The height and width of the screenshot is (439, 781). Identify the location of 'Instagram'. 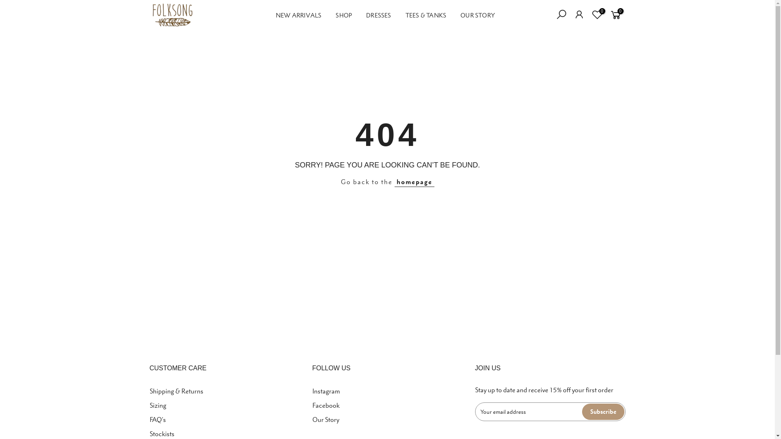
(312, 390).